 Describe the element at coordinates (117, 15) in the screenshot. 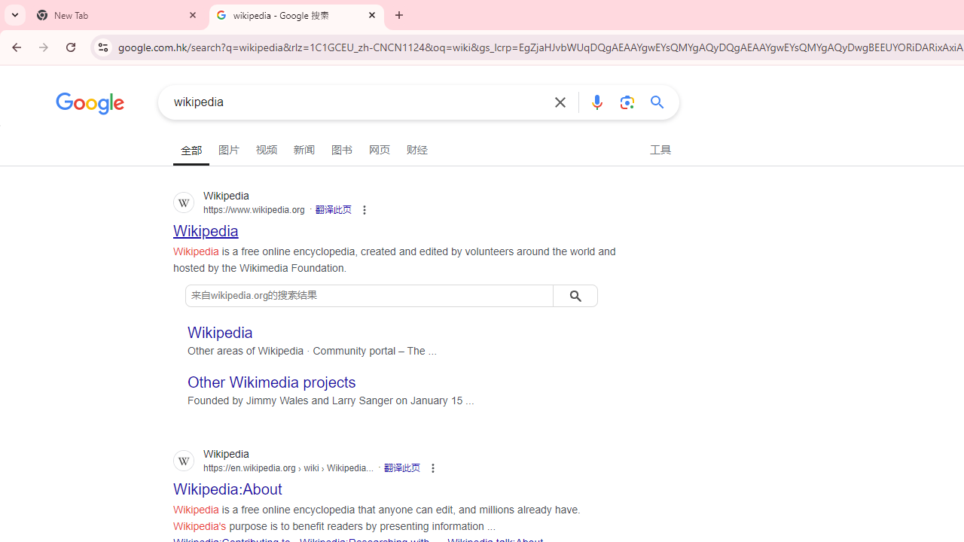

I see `'New Tab'` at that location.